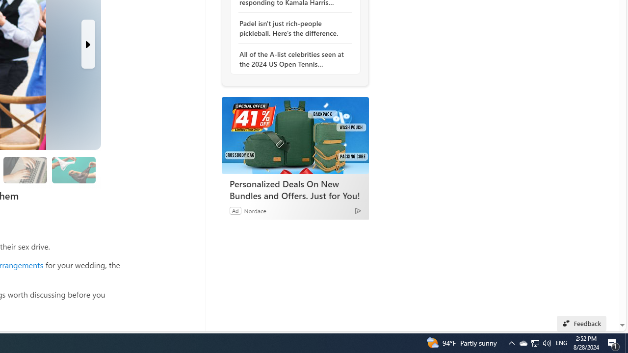 The height and width of the screenshot is (353, 628). What do you see at coordinates (255, 210) in the screenshot?
I see `'Nordace'` at bounding box center [255, 210].